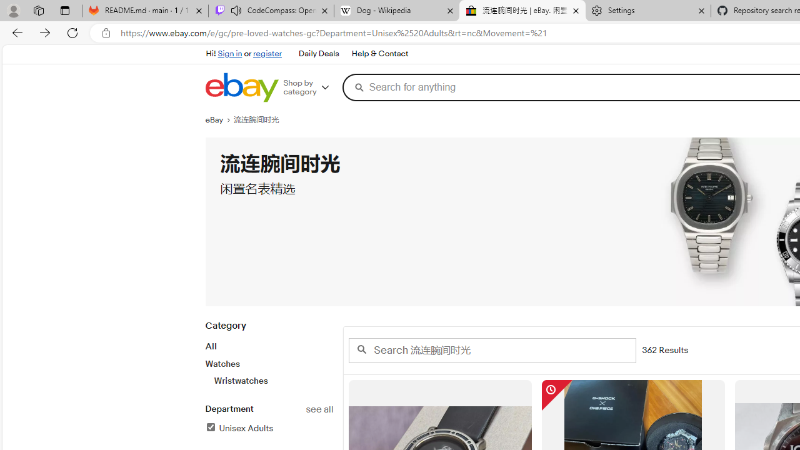 The width and height of the screenshot is (800, 450). I want to click on 'Help & Contact', so click(379, 54).